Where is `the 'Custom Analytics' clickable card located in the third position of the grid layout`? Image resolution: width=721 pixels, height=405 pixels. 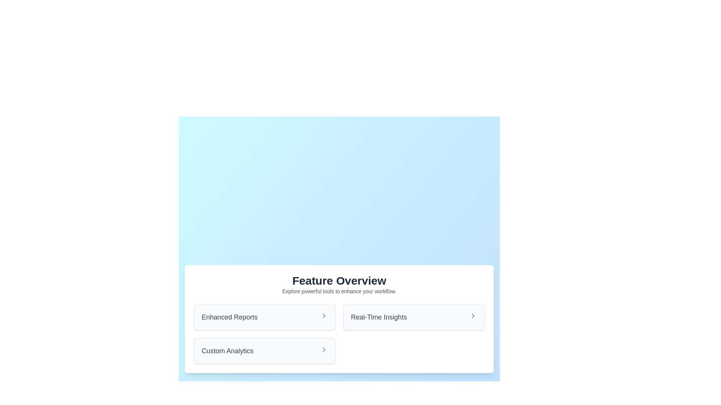 the 'Custom Analytics' clickable card located in the third position of the grid layout is located at coordinates (264, 351).